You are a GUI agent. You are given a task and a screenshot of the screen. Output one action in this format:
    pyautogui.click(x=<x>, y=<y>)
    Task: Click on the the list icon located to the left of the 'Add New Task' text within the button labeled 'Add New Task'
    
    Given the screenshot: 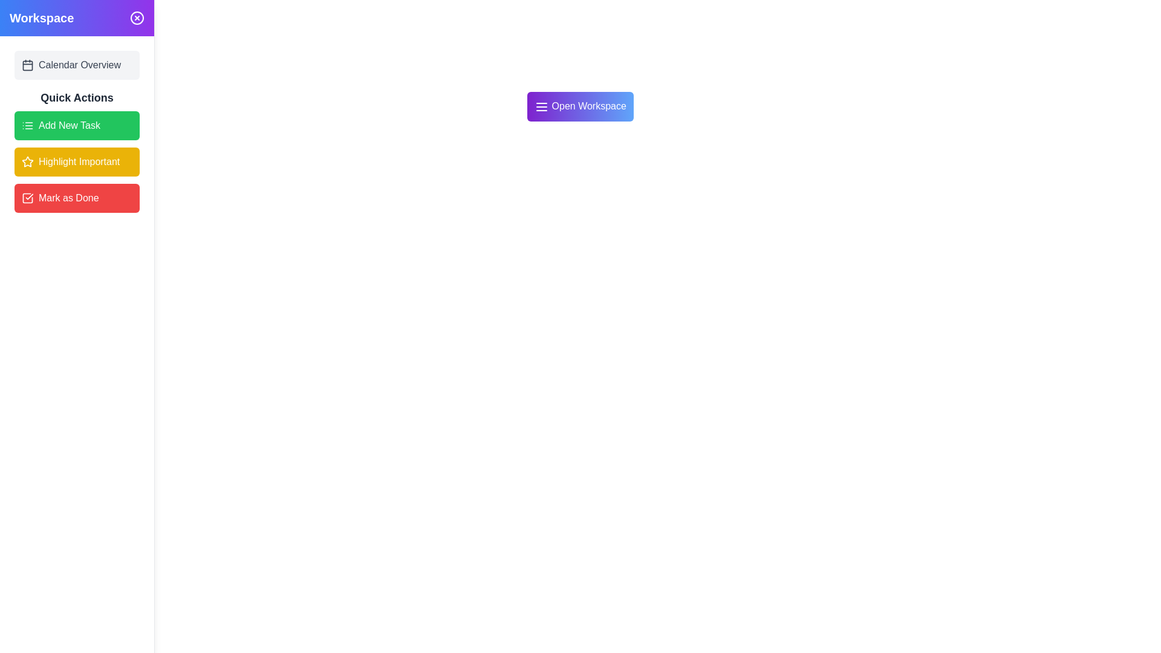 What is the action you would take?
    pyautogui.click(x=28, y=126)
    